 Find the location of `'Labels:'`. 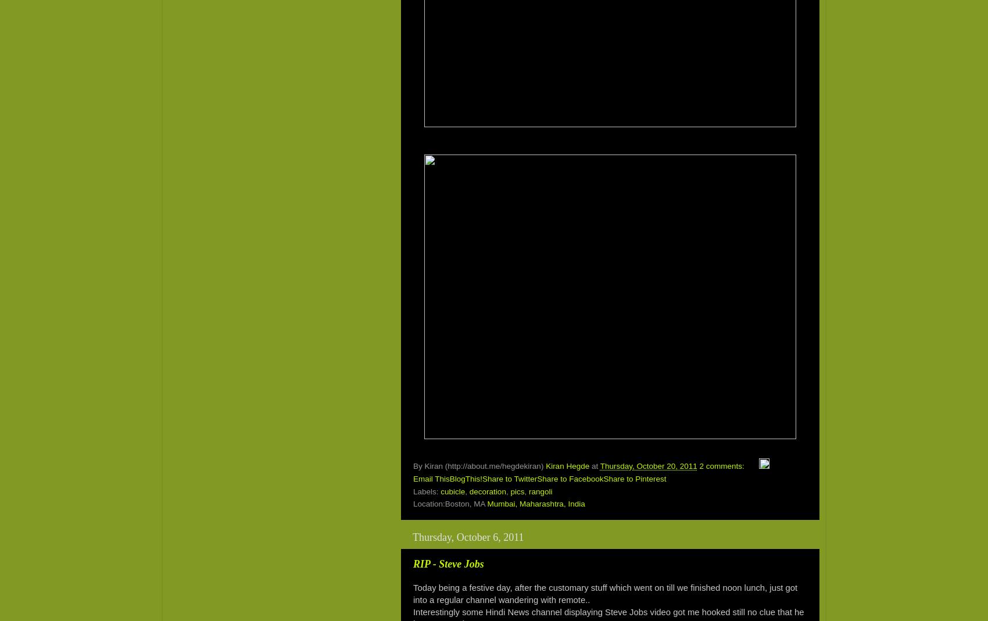

'Labels:' is located at coordinates (427, 491).